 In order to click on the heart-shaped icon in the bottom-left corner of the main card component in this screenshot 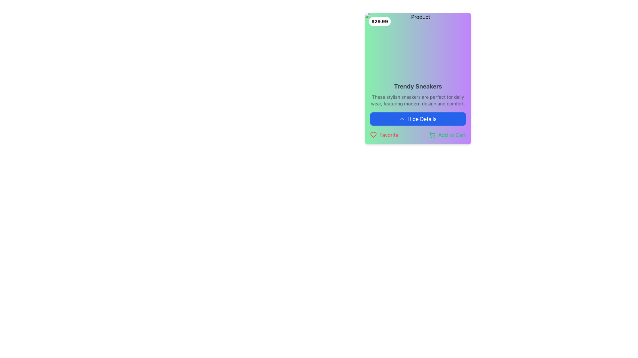, I will do `click(373, 135)`.